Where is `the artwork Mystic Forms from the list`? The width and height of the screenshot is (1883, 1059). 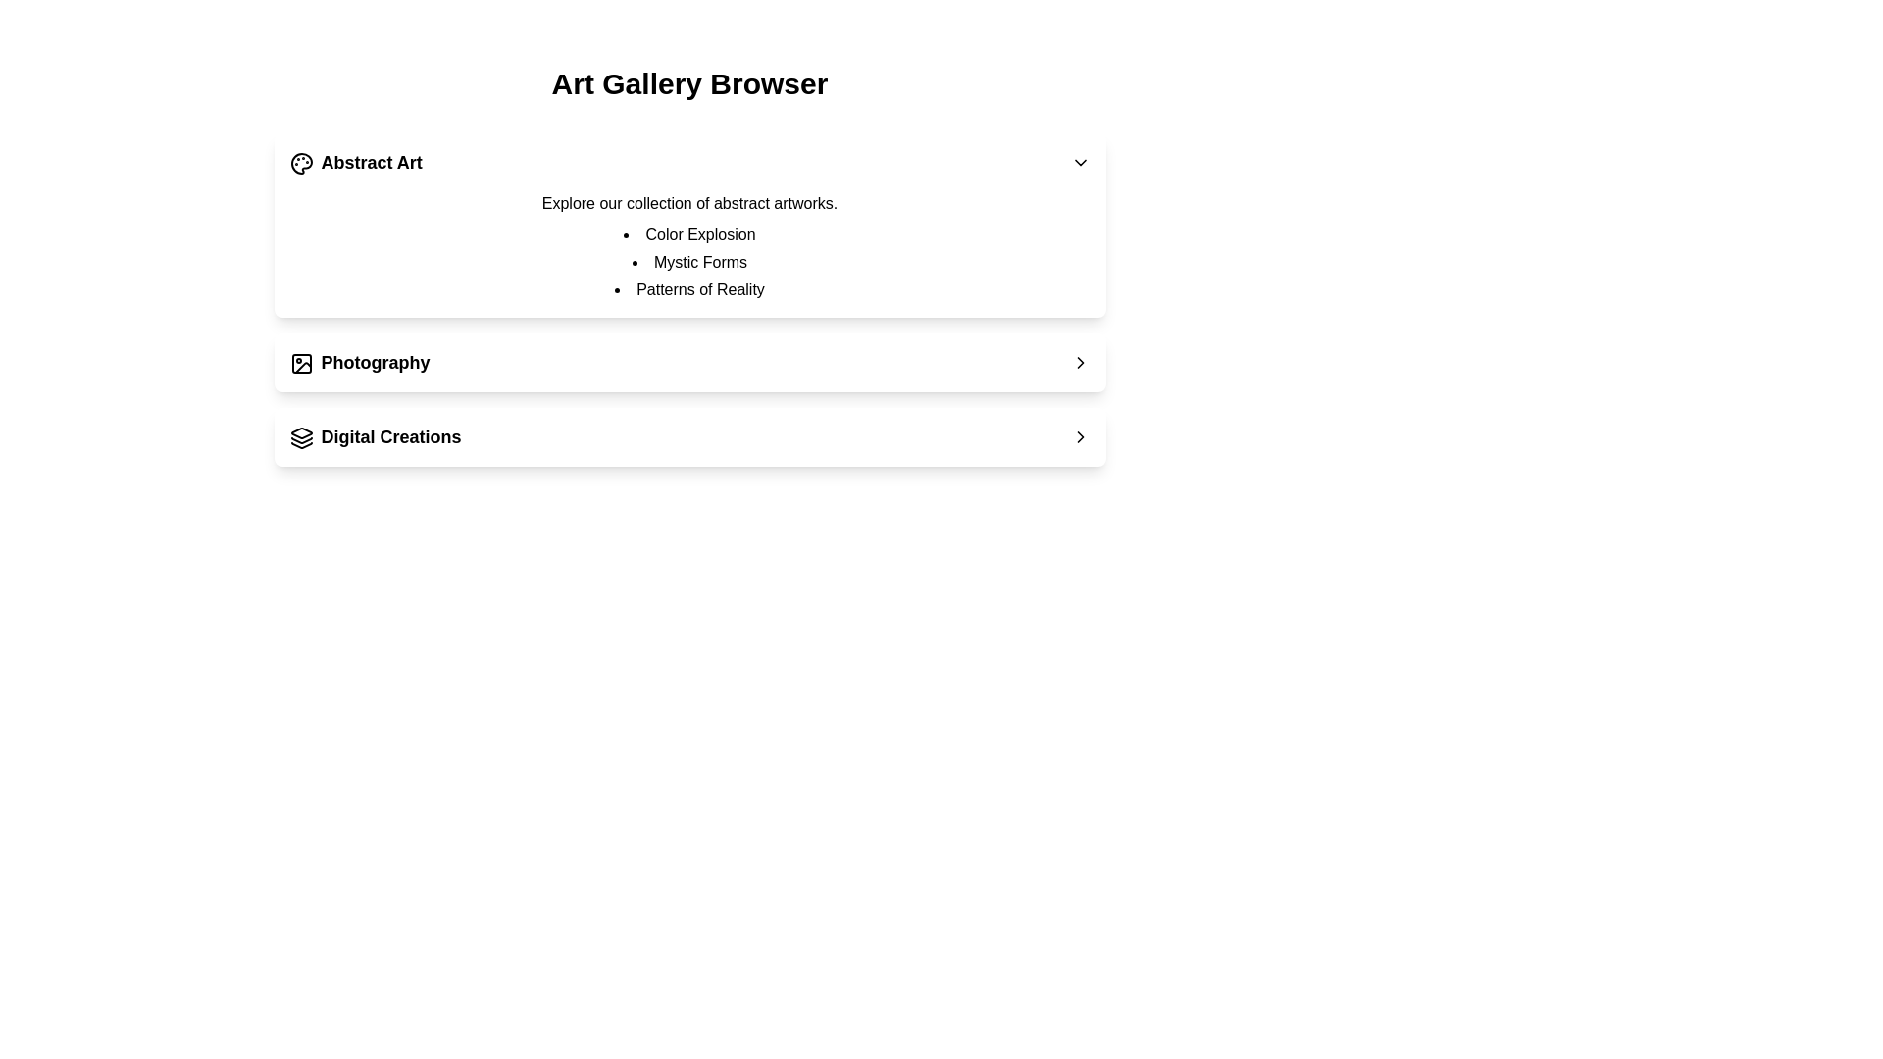
the artwork Mystic Forms from the list is located at coordinates (689, 261).